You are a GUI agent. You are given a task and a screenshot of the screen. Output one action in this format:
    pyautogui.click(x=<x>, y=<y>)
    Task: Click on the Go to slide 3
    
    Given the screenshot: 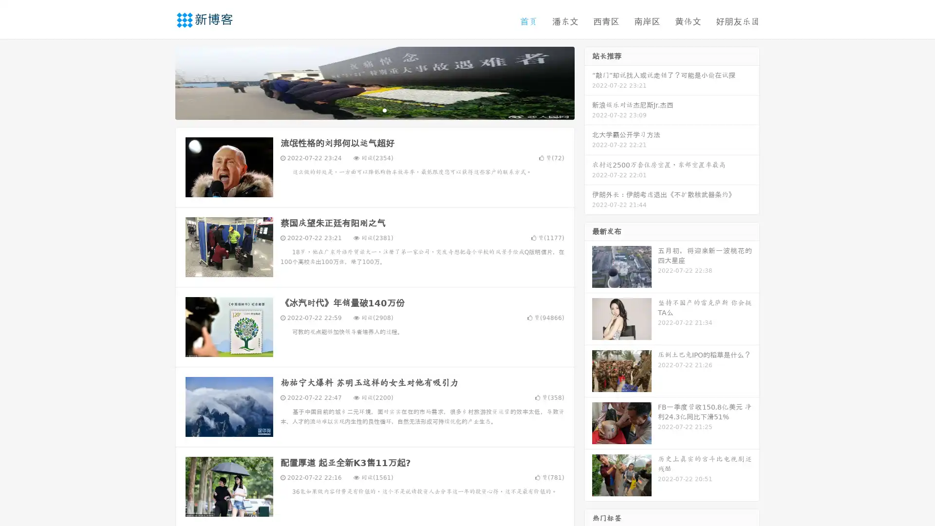 What is the action you would take?
    pyautogui.click(x=384, y=110)
    